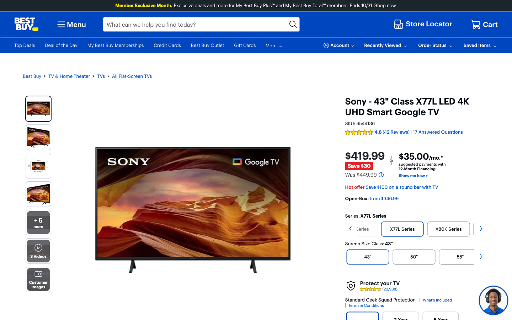 The height and width of the screenshot is (320, 512). What do you see at coordinates (26, 24) in the screenshot?
I see `the main page of Best Buy by selecting the top left symbol` at bounding box center [26, 24].